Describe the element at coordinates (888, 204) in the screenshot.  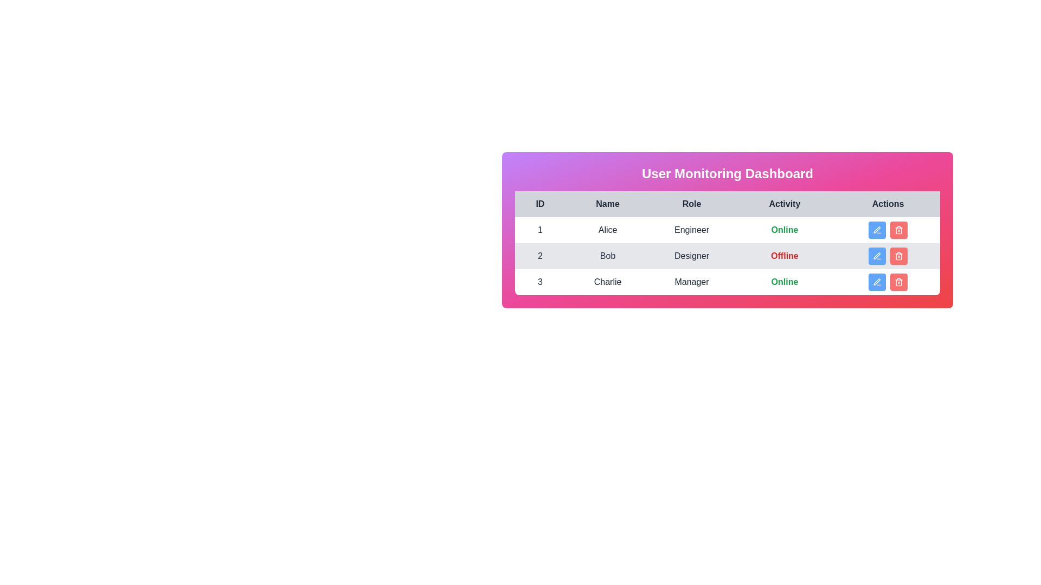
I see `the column header labeled 'Actions' to sort the table by that column` at that location.